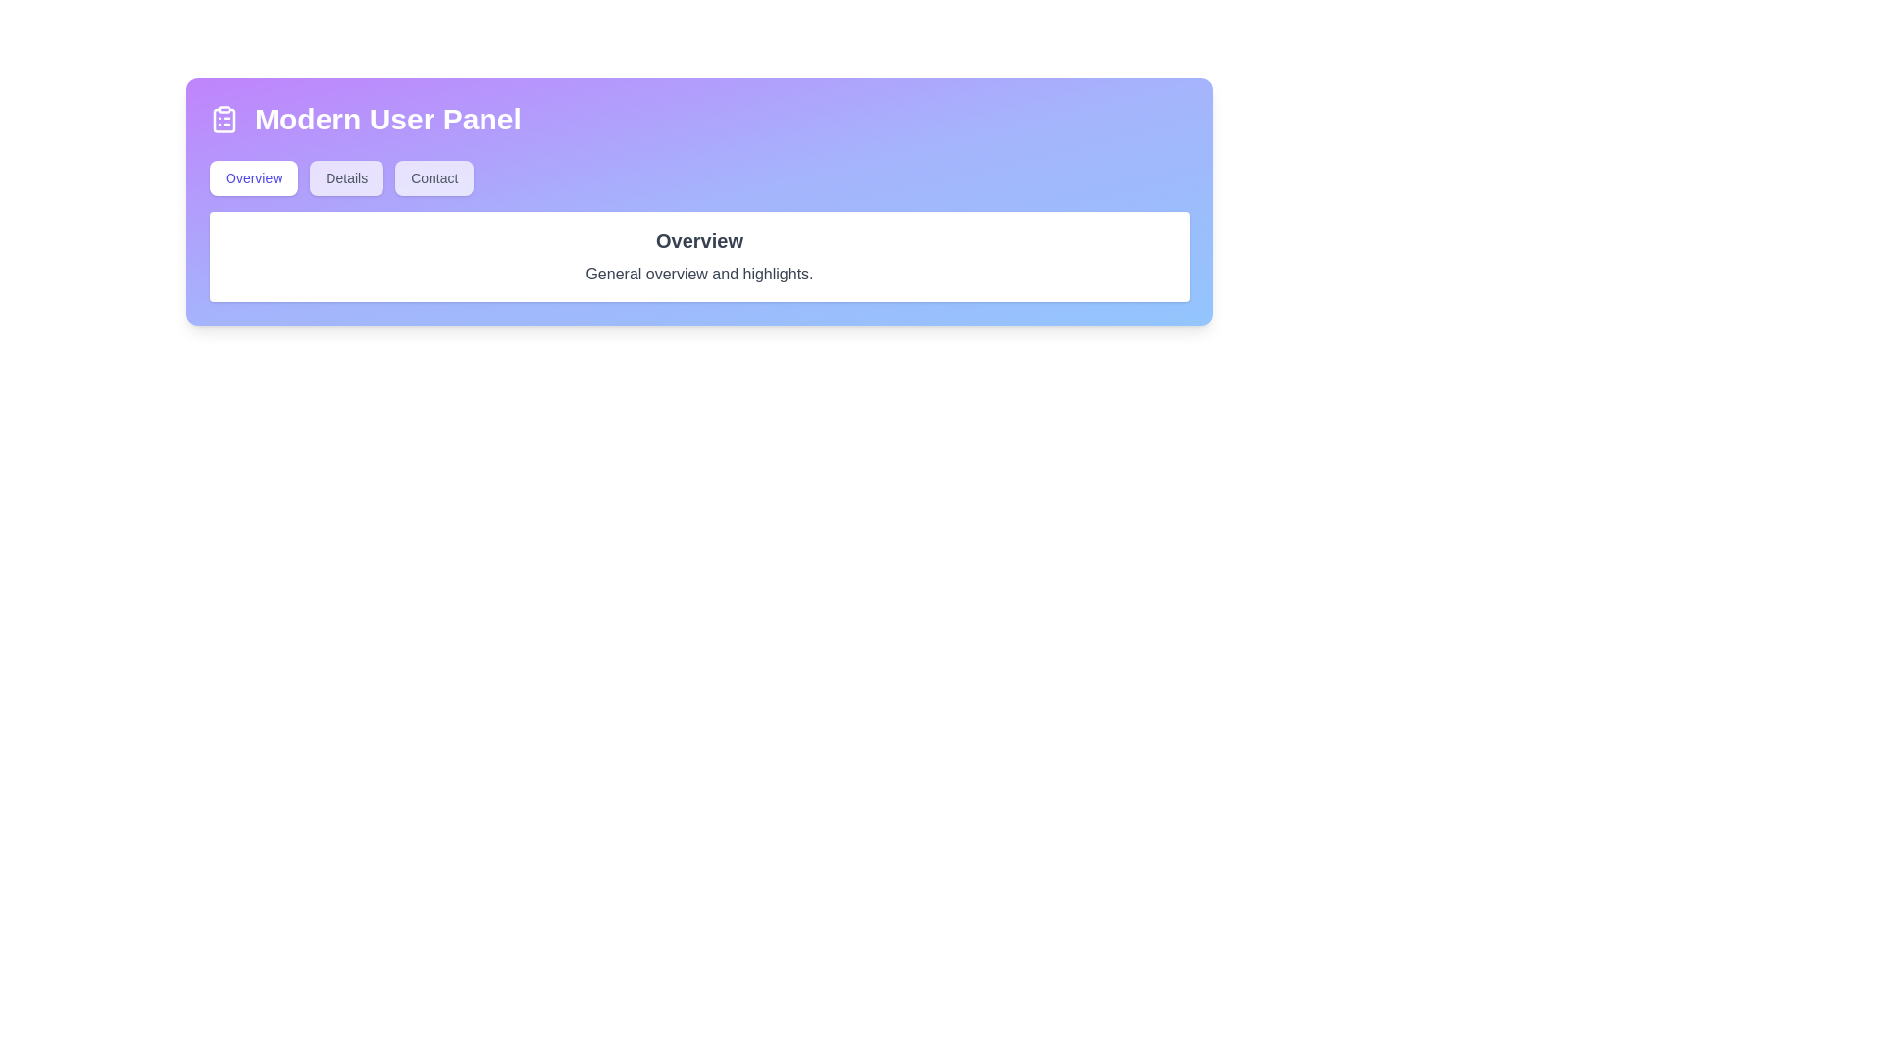  Describe the element at coordinates (346, 177) in the screenshot. I see `the 'Details' button located in the 'Modern User Panel'` at that location.